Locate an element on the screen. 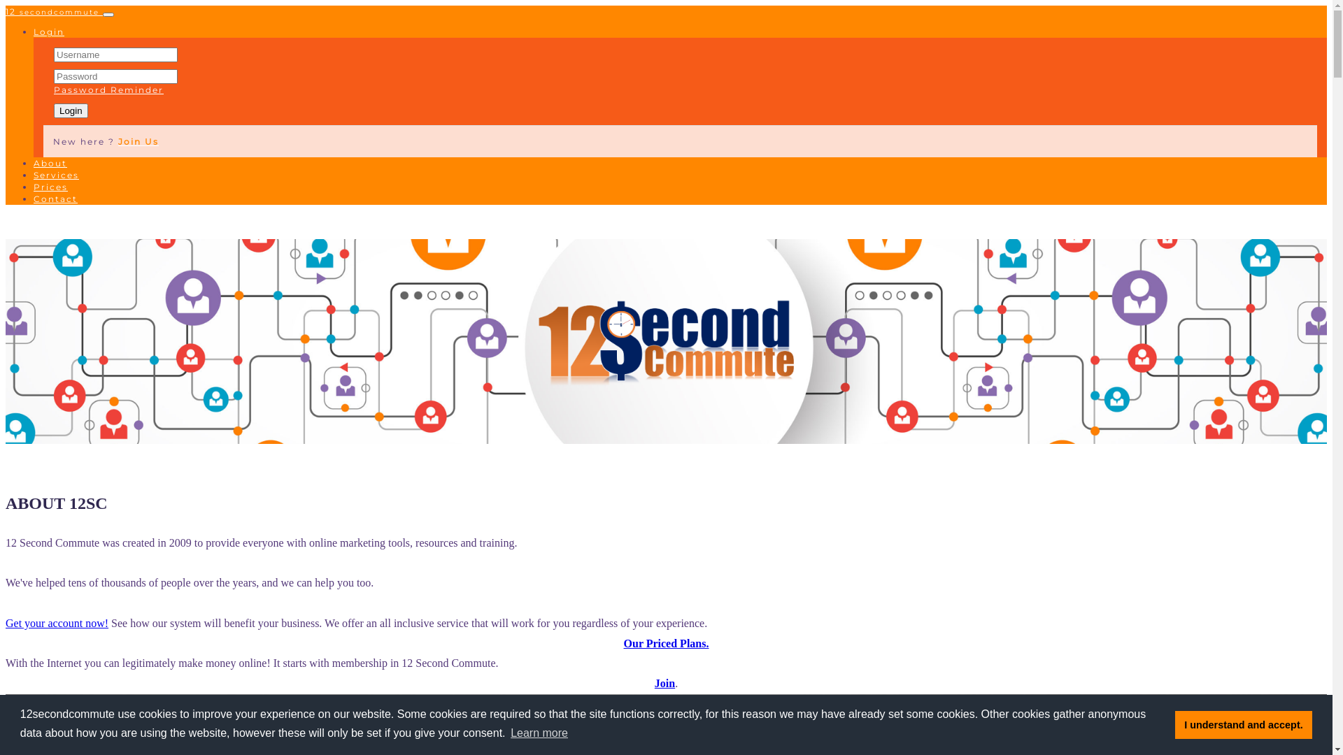 The image size is (1343, 755). 'Contact' is located at coordinates (55, 199).